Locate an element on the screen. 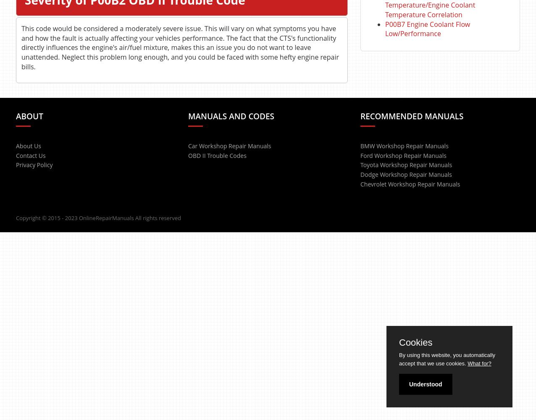 Image resolution: width=536 pixels, height=420 pixels. 'What for?' is located at coordinates (478, 363).